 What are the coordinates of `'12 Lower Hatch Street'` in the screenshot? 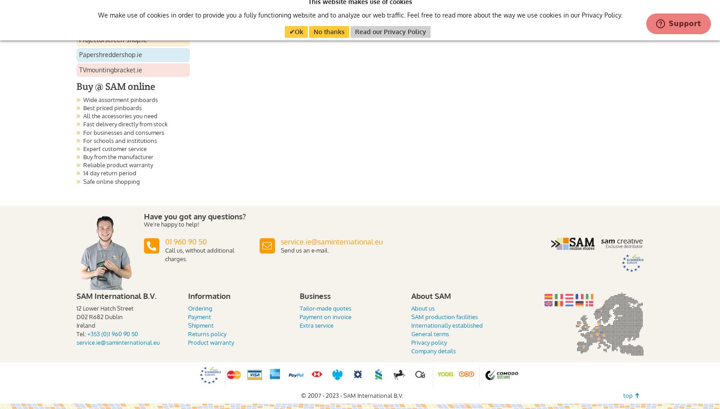 It's located at (105, 307).